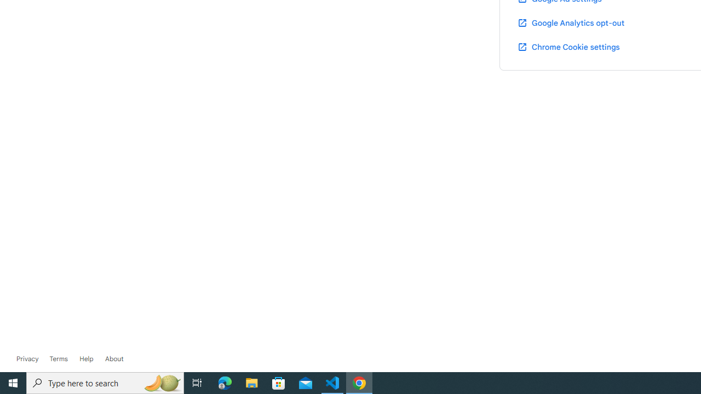 The image size is (701, 394). Describe the element at coordinates (27, 358) in the screenshot. I see `'Privacy'` at that location.